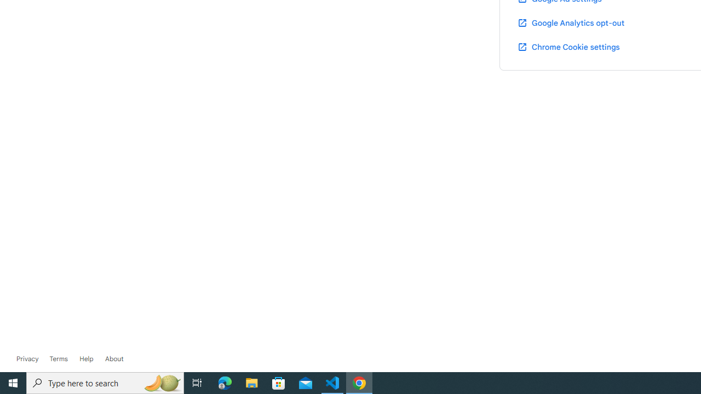 The image size is (701, 394). Describe the element at coordinates (27, 358) in the screenshot. I see `'Privacy'` at that location.